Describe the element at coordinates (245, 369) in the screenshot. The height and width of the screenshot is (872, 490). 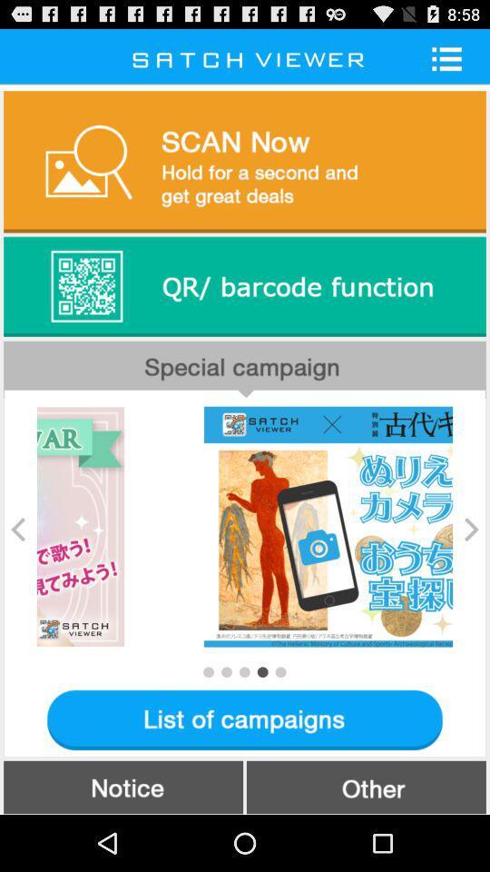
I see `special campaign` at that location.